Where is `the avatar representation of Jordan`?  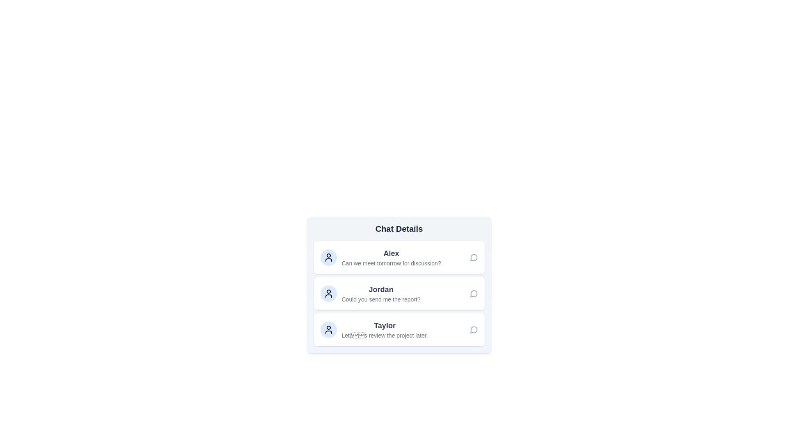
the avatar representation of Jordan is located at coordinates (328, 293).